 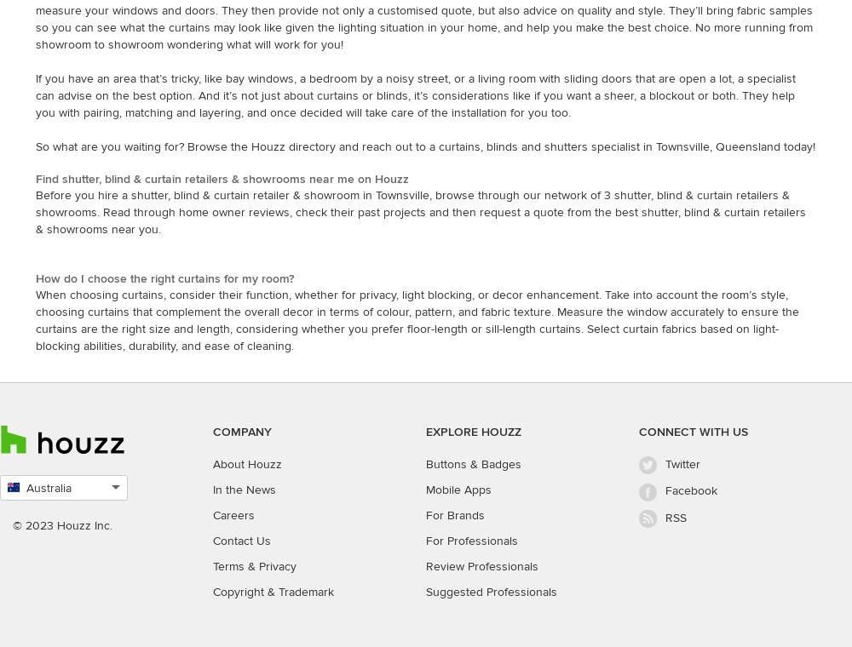 I want to click on 'Before you hire a shutter, blind & curtain retailer & showroom in Townsville, browse through our network of 3 shutter, blind & curtain retailers & showrooms. Read through home owner reviews, check their past projects and then request a quote from the best shutter, blind & curtain retailers & showrooms near you.', so click(x=420, y=210).